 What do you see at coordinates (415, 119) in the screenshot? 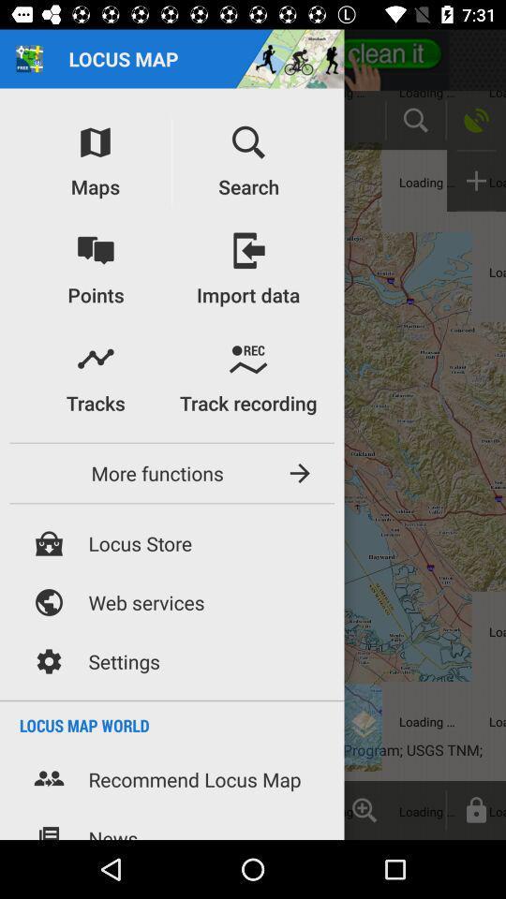
I see `the search icon` at bounding box center [415, 119].